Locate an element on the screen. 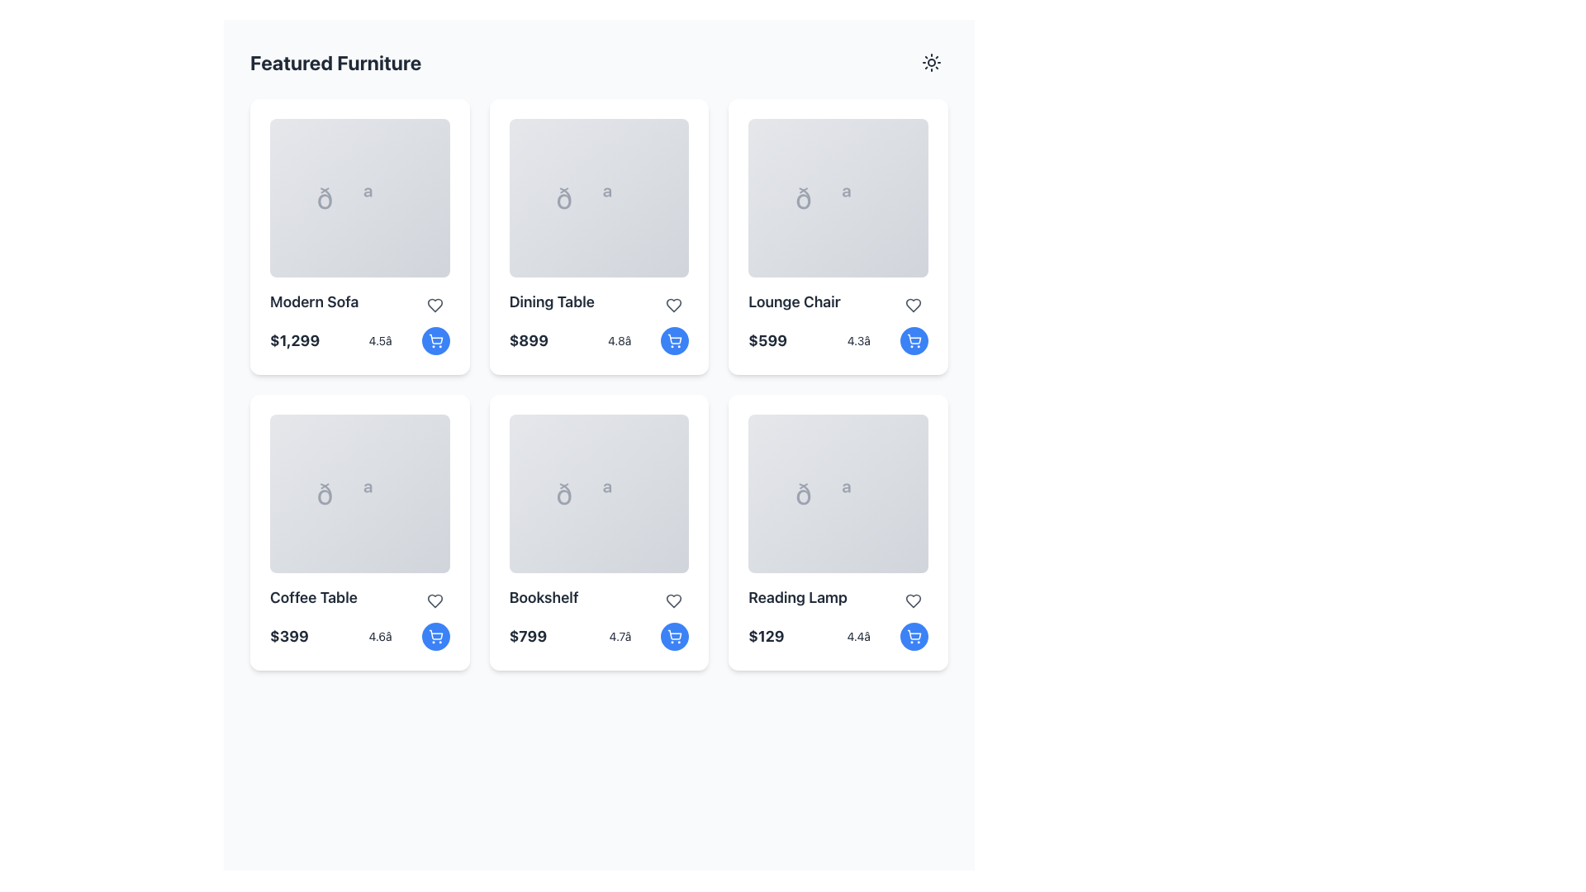  the icon representing the 'Modern Sofa' product located in the upper segment of the first card in the grid layout is located at coordinates (359, 197).